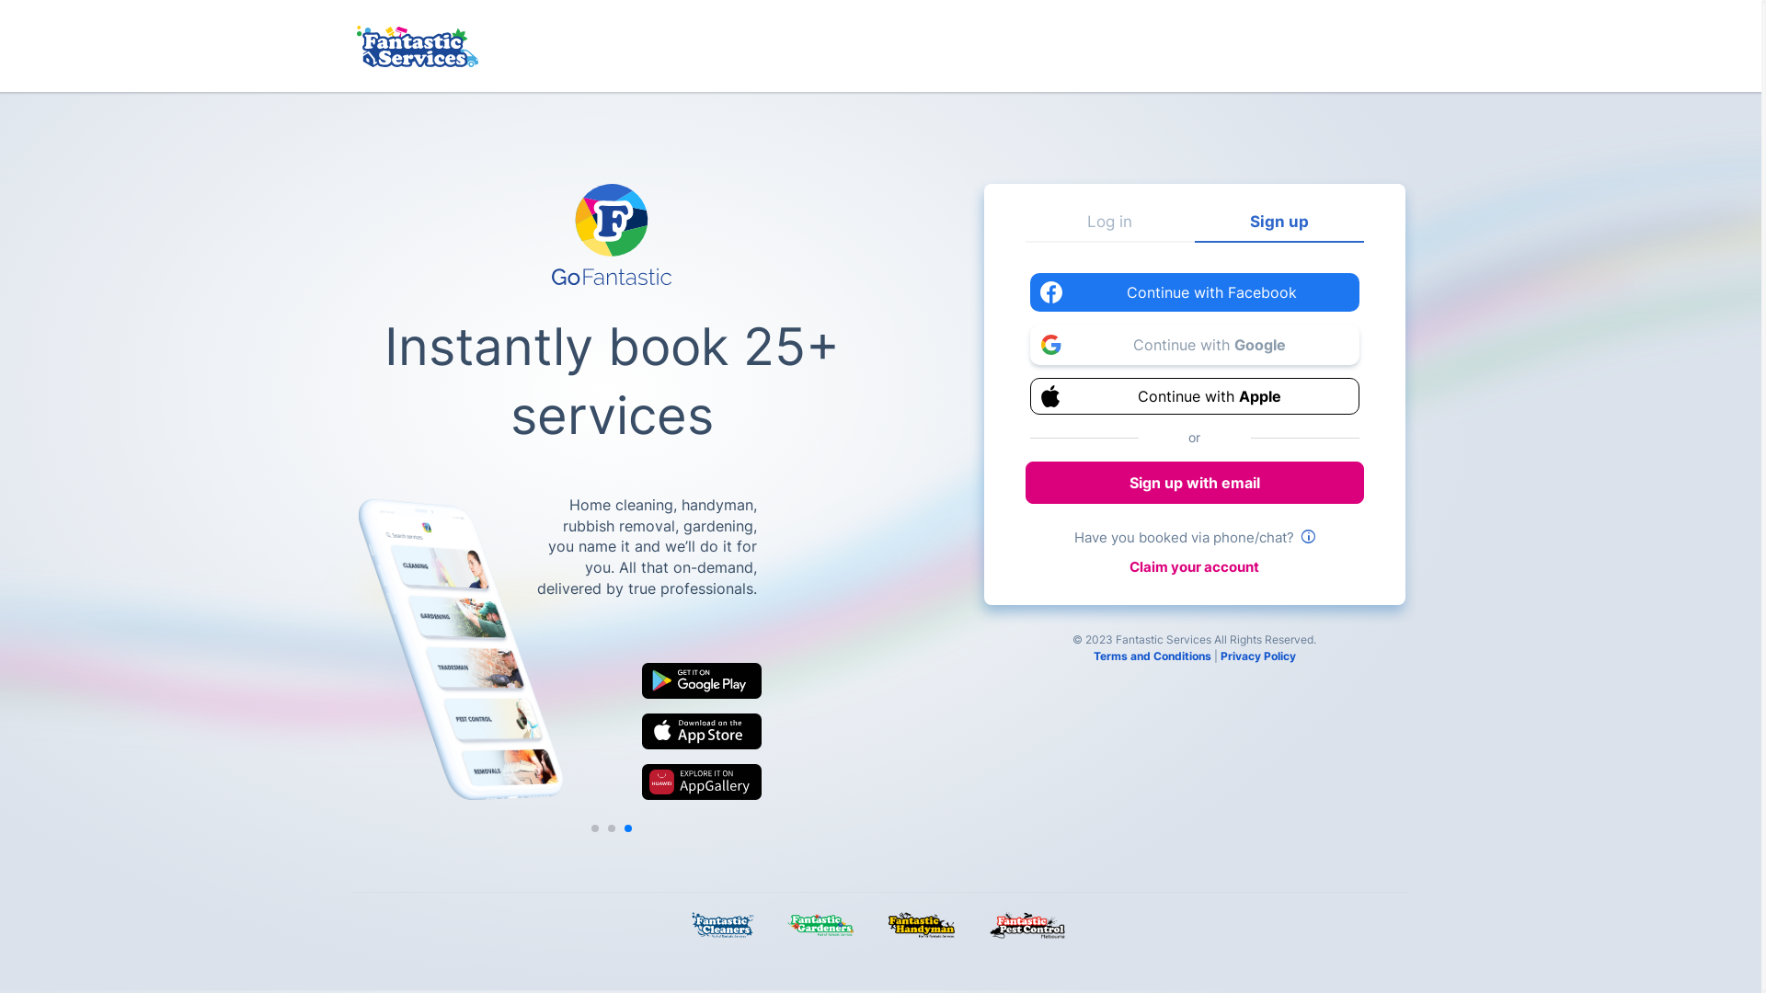 The height and width of the screenshot is (993, 1766). I want to click on 'Sign up', so click(1195, 226).